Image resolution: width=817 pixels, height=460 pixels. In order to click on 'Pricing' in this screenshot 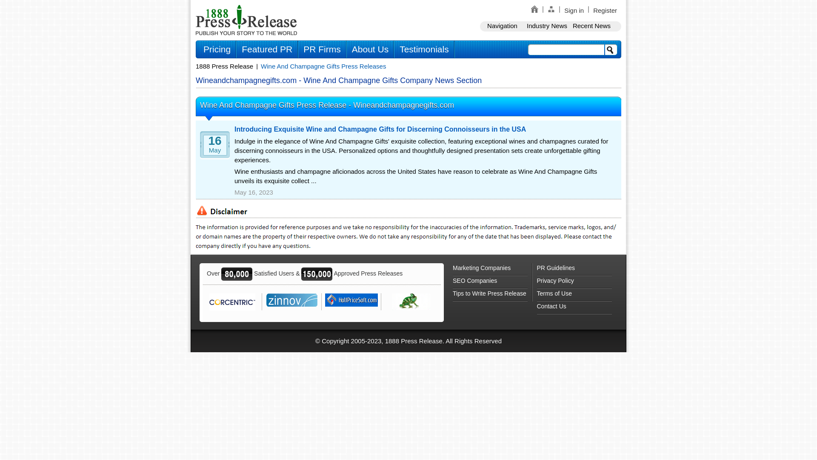, I will do `click(217, 49)`.